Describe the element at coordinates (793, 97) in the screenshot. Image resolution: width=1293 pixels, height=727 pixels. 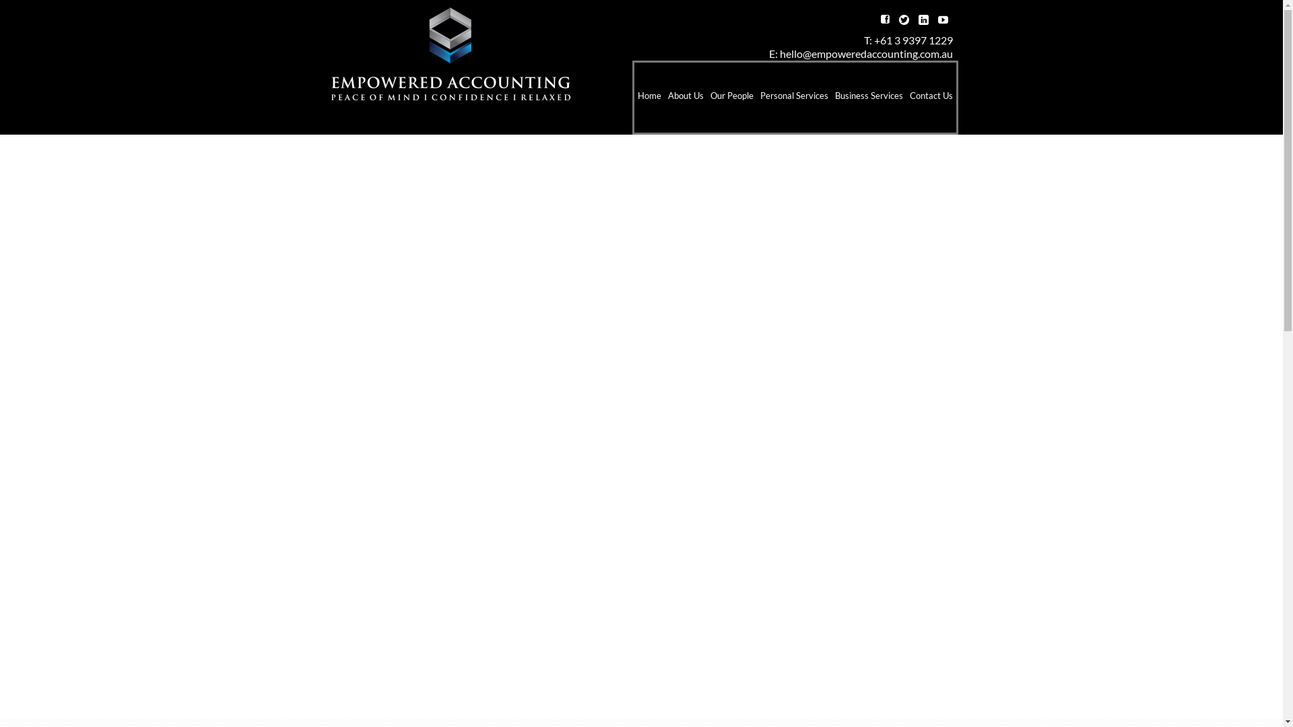
I see `'Personal Services'` at that location.